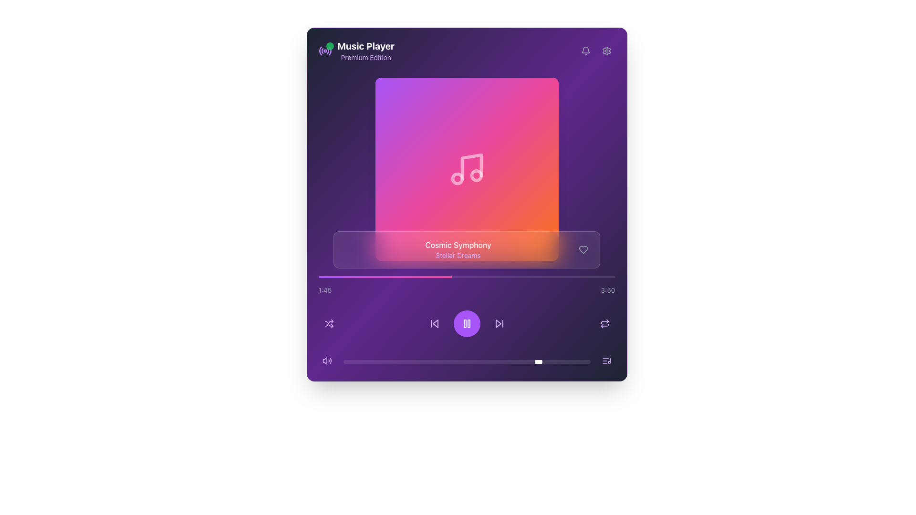  Describe the element at coordinates (441, 362) in the screenshot. I see `the slider value` at that location.